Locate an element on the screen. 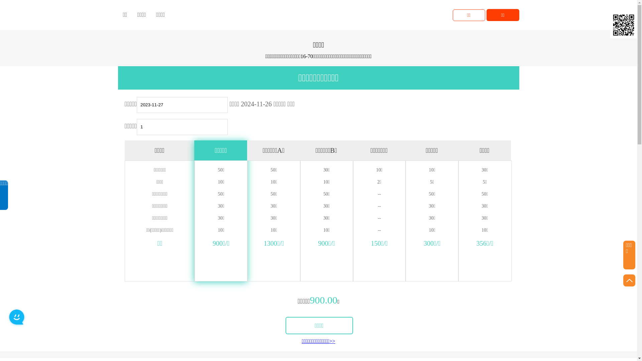 Image resolution: width=642 pixels, height=361 pixels. '2023-11-27' is located at coordinates (182, 105).